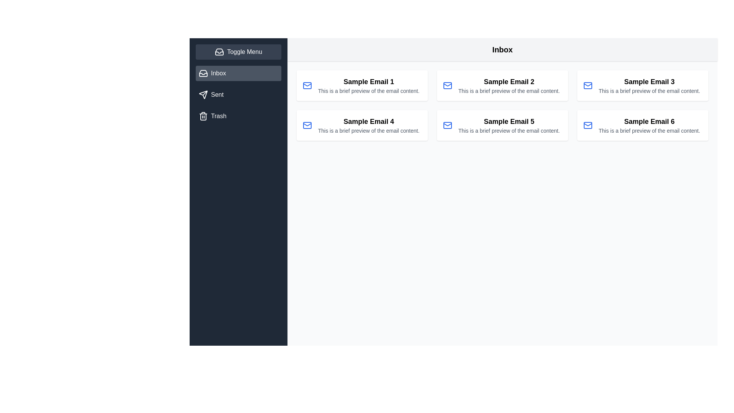 The width and height of the screenshot is (734, 413). I want to click on the rectangular SVG component that forms the main body of the envelope in the email list grid associated with 'Sample Email 6', so click(587, 125).